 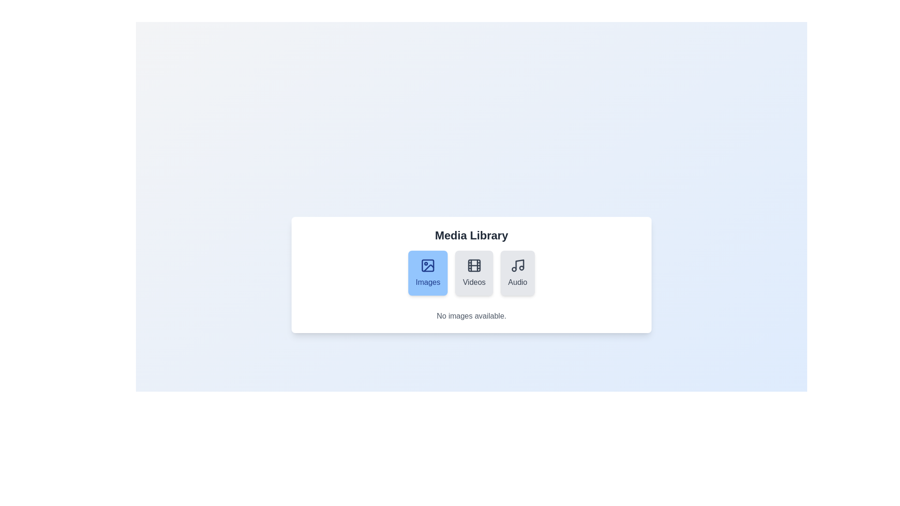 I want to click on the 'Images' button to view image-related content, so click(x=427, y=273).